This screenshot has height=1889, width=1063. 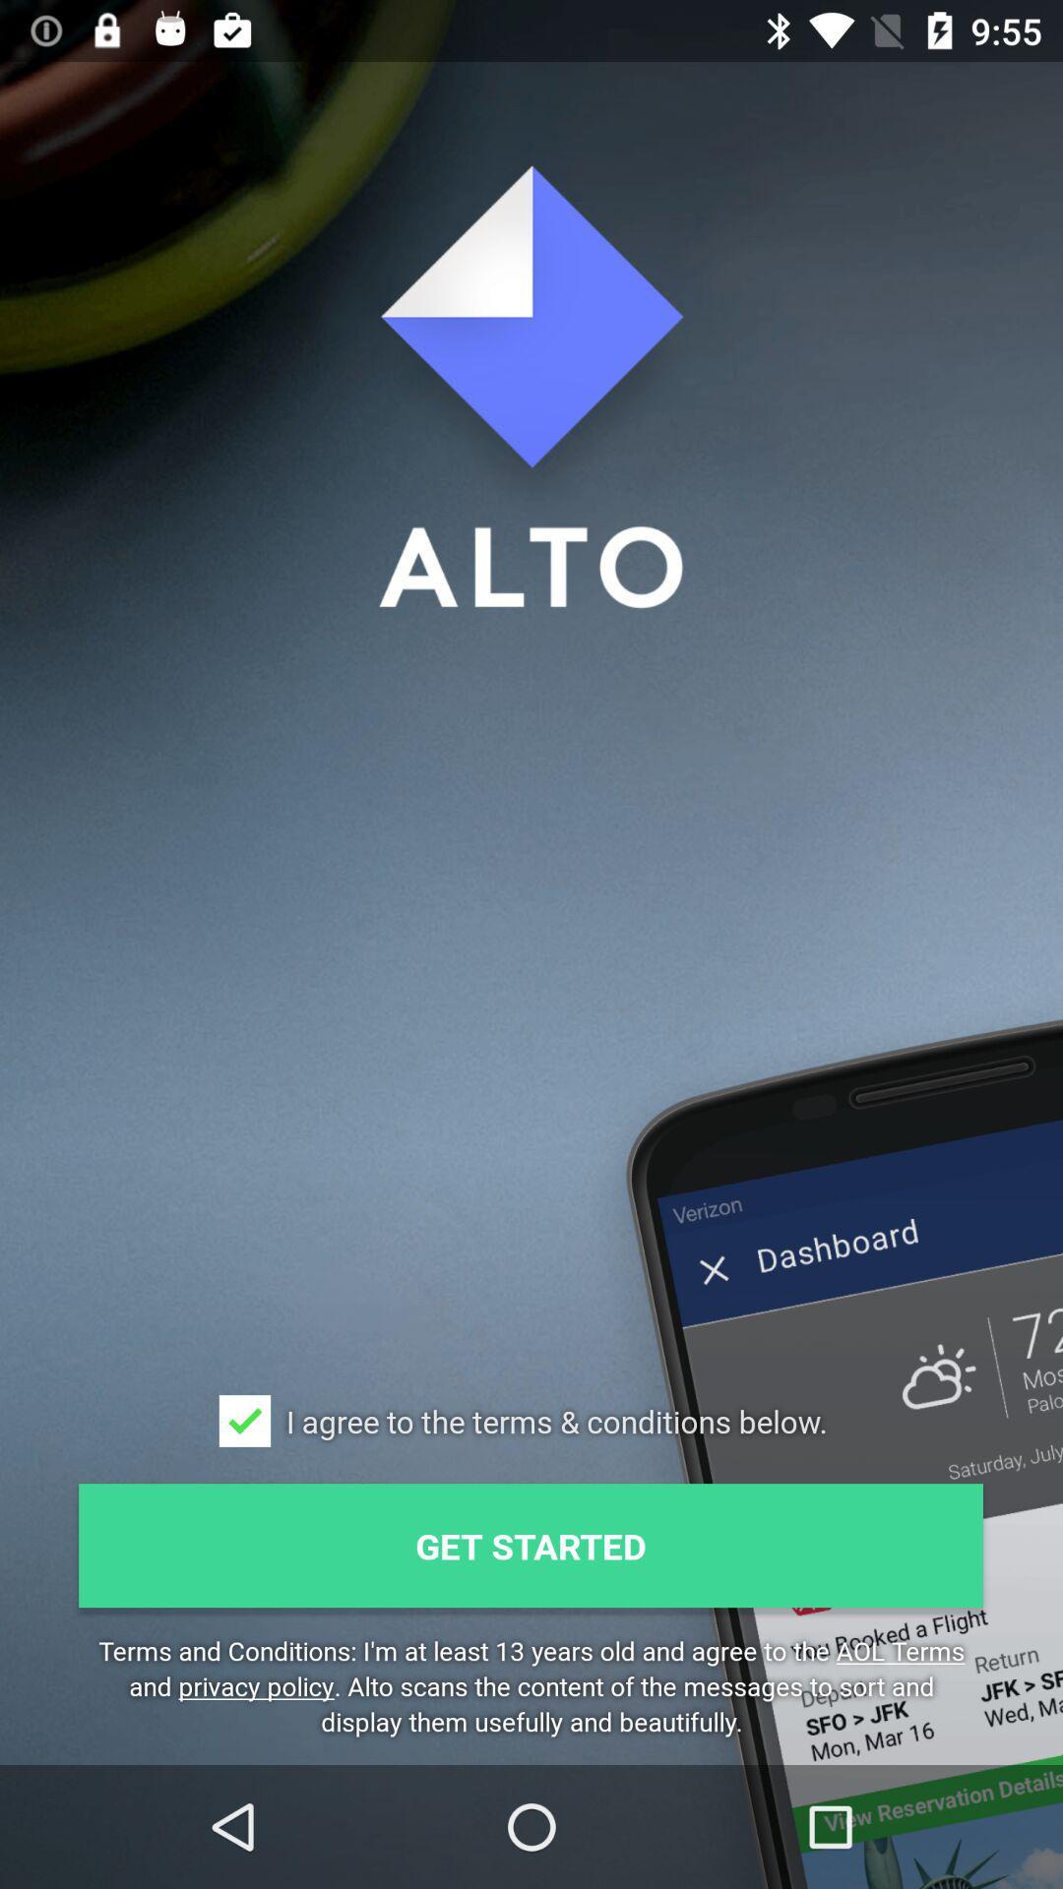 I want to click on the item to the left of i agree to item, so click(x=244, y=1421).